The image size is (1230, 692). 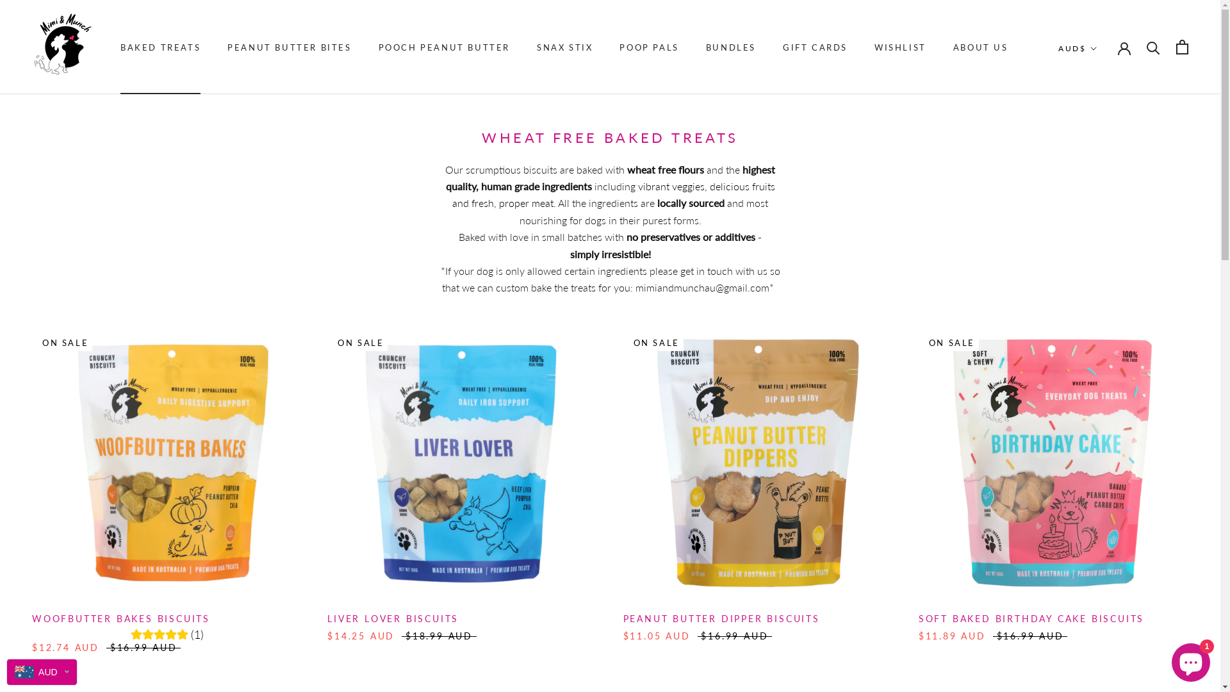 I want to click on 'PEANUT BUTTER DIPPER BISCUITS', so click(x=721, y=618).